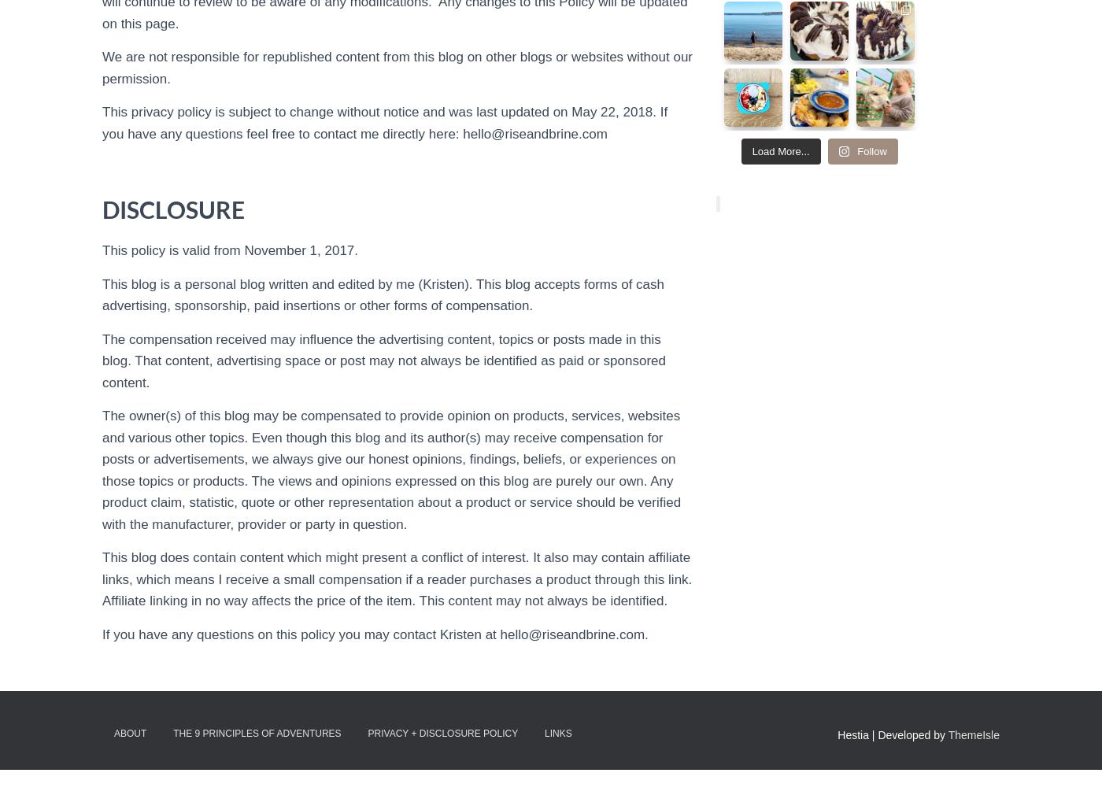  Describe the element at coordinates (102, 209) in the screenshot. I see `'DISCLOSURE'` at that location.